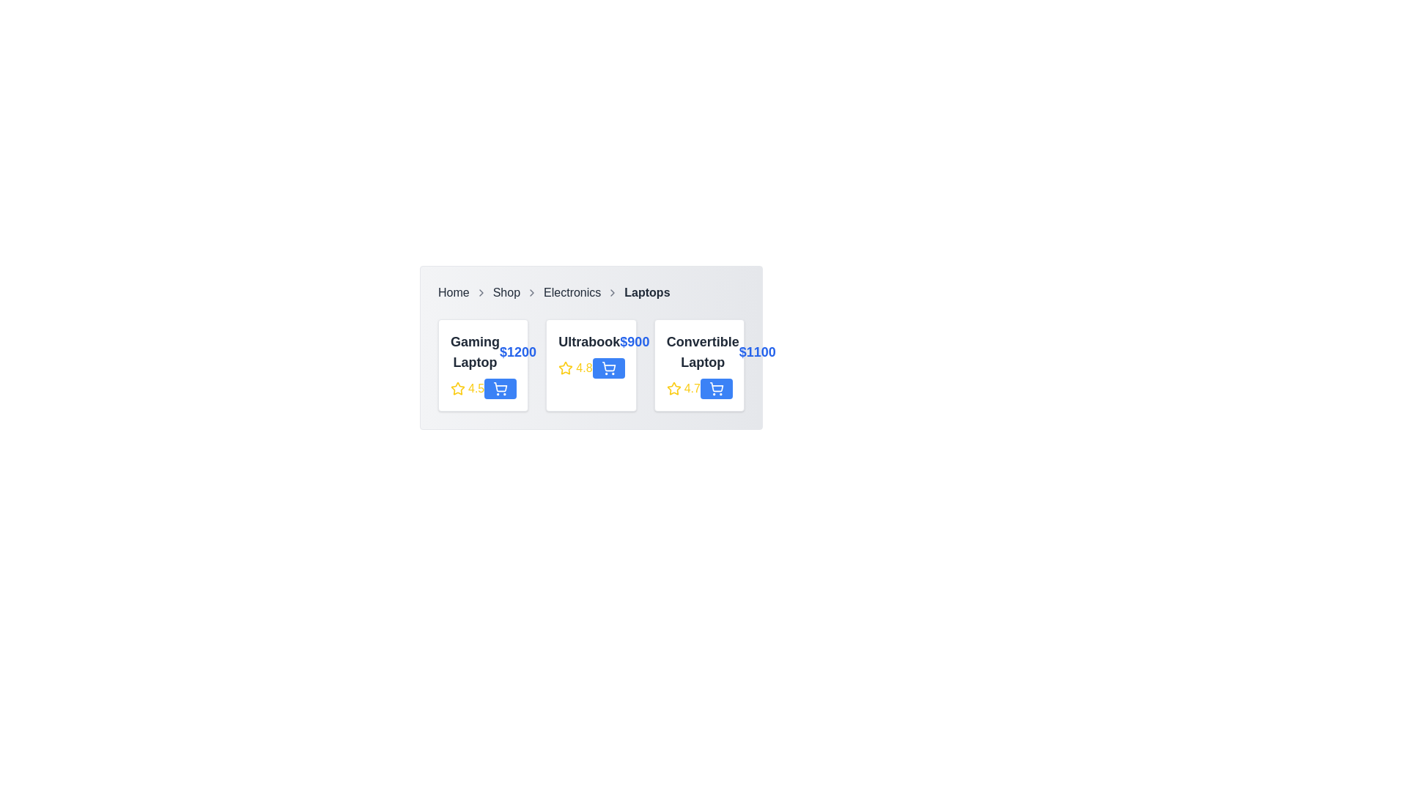 This screenshot has width=1407, height=791. Describe the element at coordinates (572, 293) in the screenshot. I see `the 'Electronics' text link located in the breadcrumb navigation bar` at that location.